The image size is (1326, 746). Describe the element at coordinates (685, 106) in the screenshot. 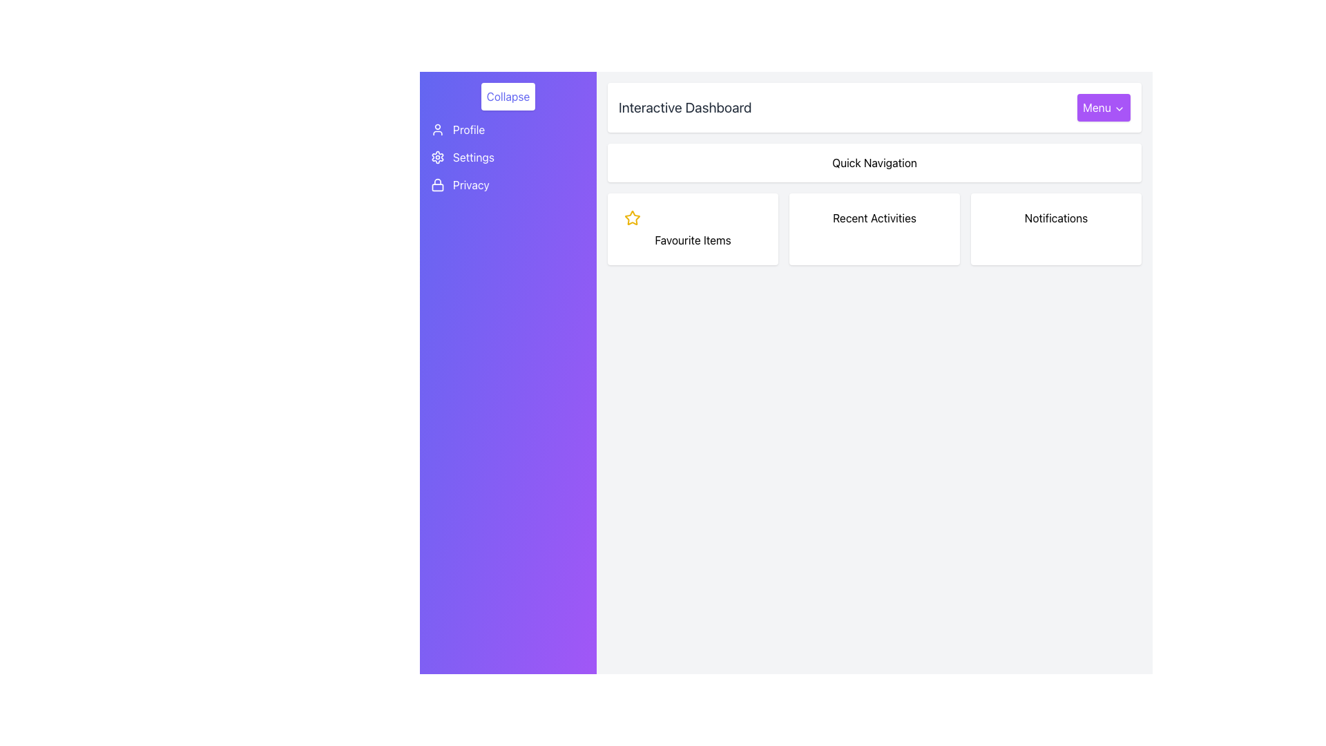

I see `the text label displaying 'Interactive Dashboard' with dark gray coloring, positioned to the left of the 'Menu' button` at that location.